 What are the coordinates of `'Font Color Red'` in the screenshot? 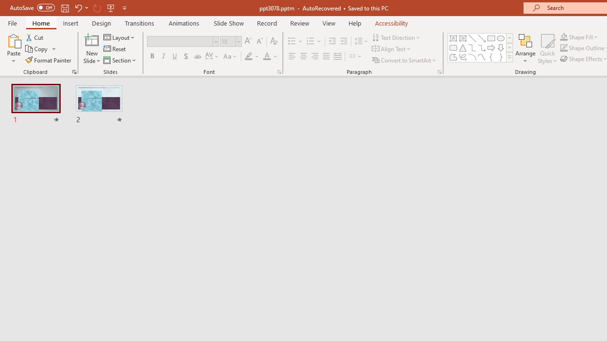 It's located at (266, 56).